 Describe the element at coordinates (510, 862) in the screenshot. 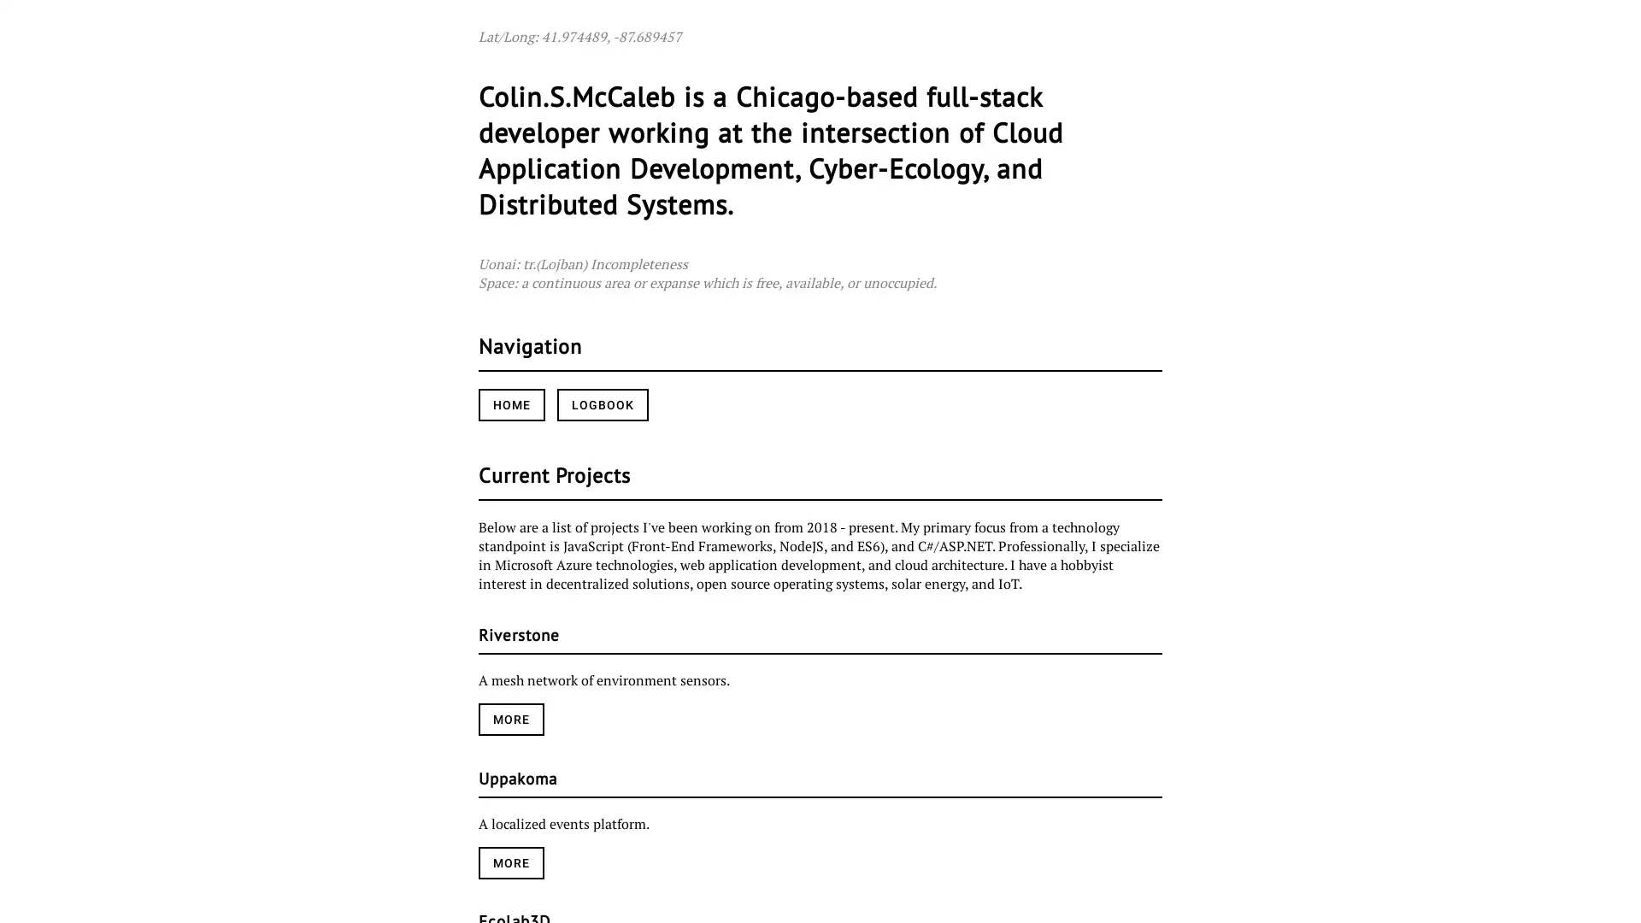

I see `MORE` at that location.